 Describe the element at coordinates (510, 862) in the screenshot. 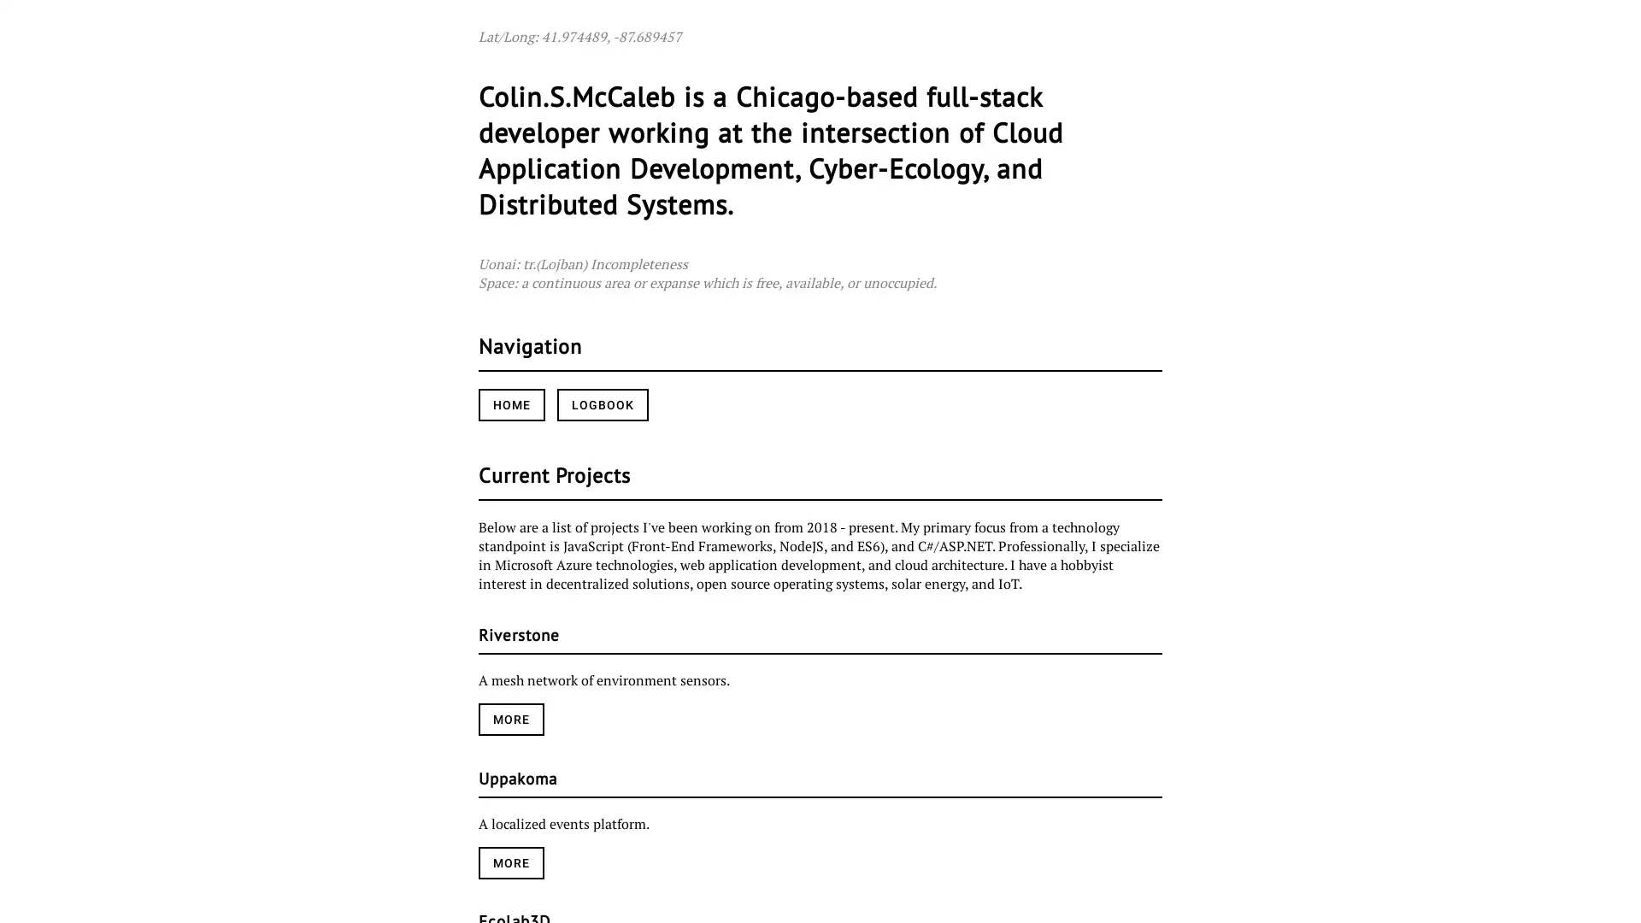

I see `MORE` at that location.